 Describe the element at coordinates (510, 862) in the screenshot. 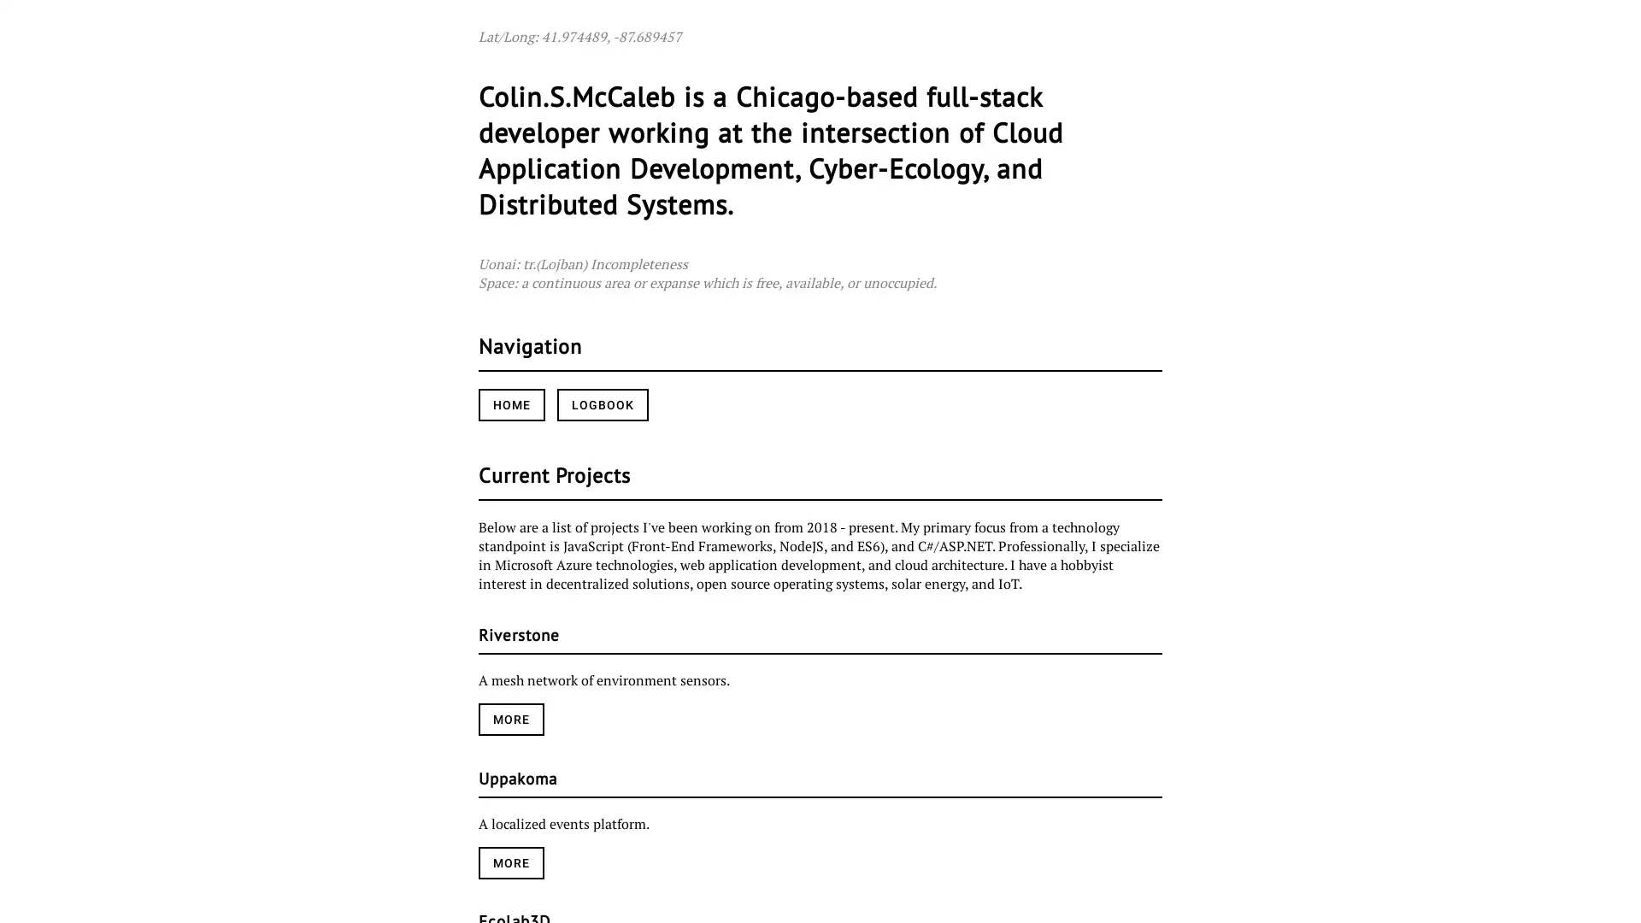

I see `MORE` at that location.